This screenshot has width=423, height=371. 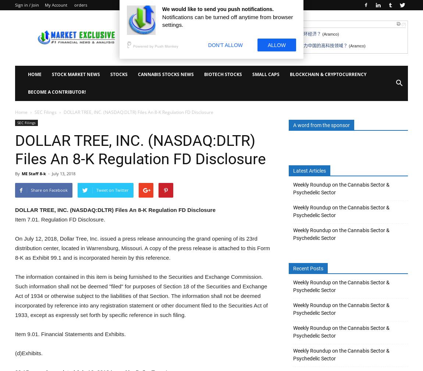 What do you see at coordinates (21, 112) in the screenshot?
I see `'Home'` at bounding box center [21, 112].